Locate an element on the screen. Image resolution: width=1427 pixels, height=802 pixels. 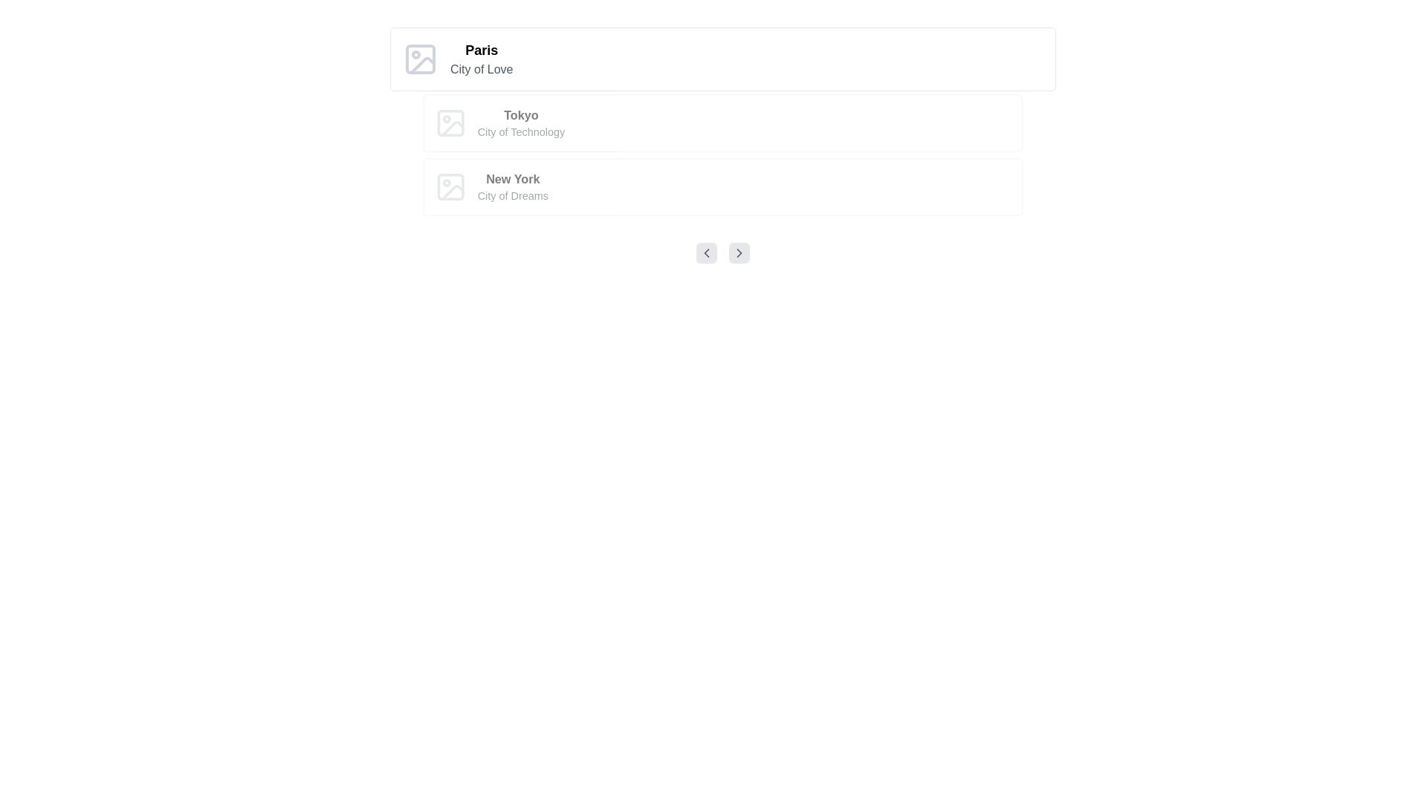
the rightmost navigation arrow icon is located at coordinates (739, 252).